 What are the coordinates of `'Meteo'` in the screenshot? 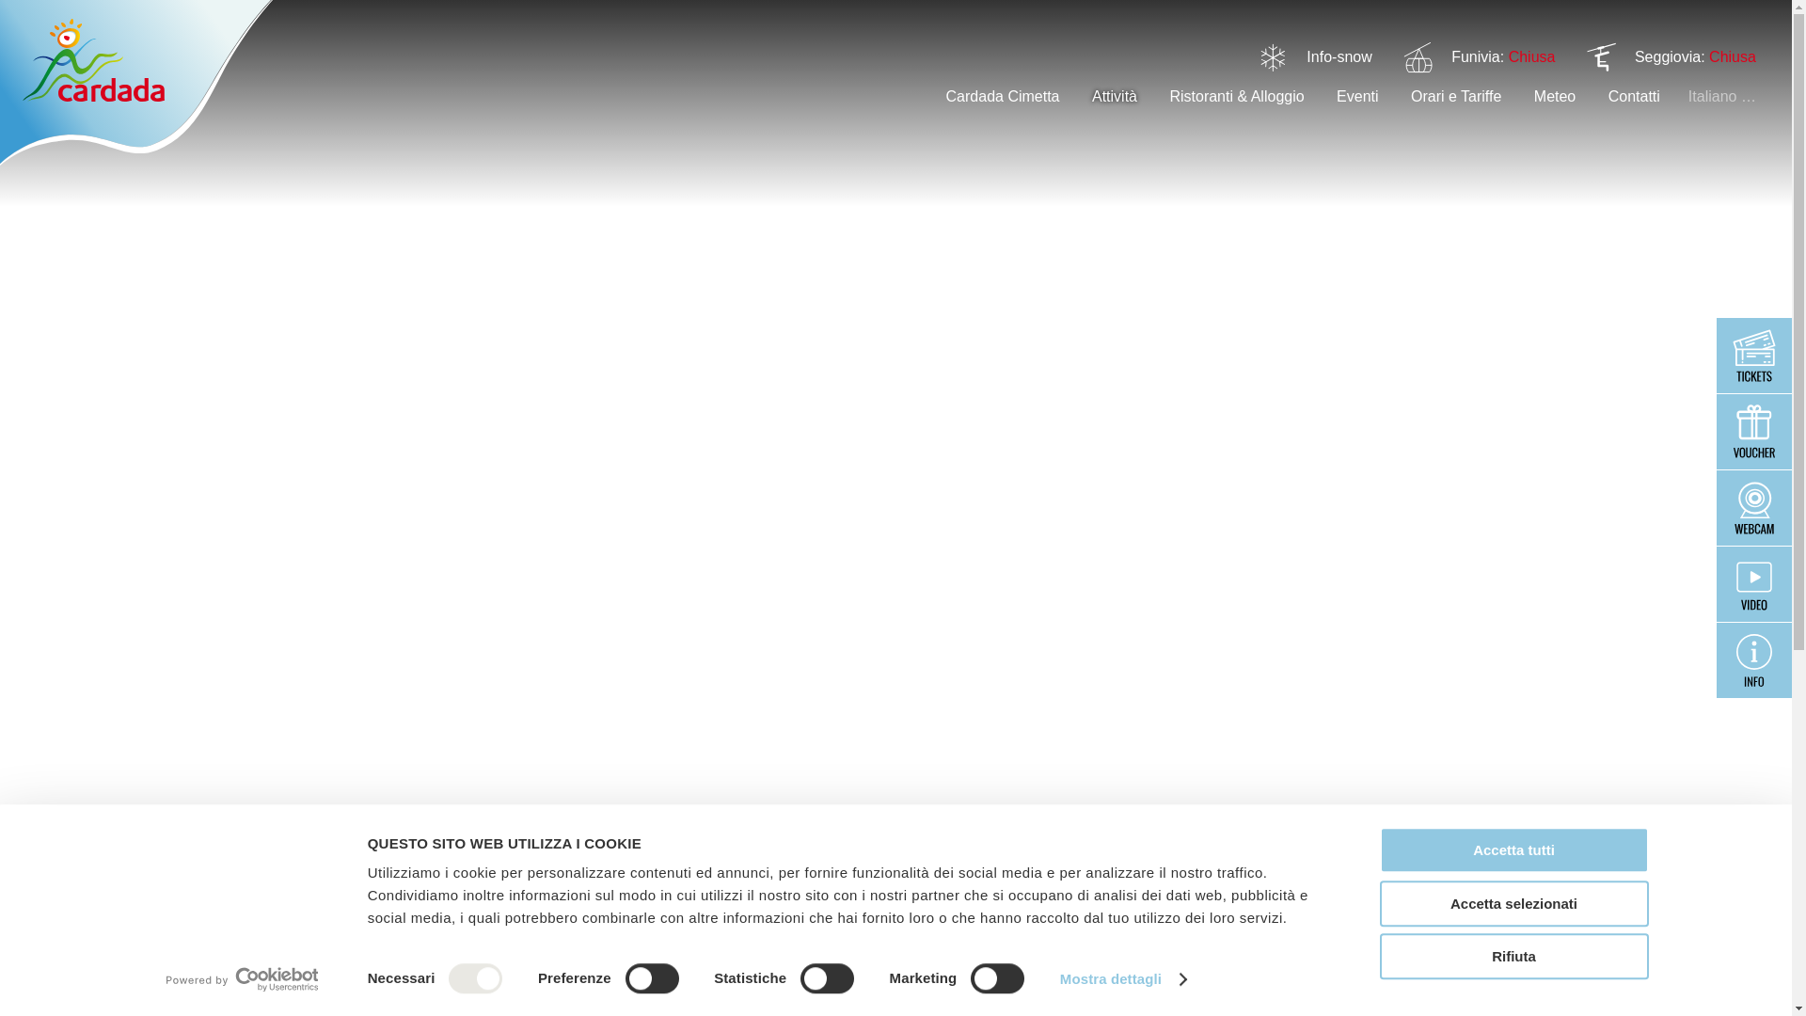 It's located at (1554, 96).